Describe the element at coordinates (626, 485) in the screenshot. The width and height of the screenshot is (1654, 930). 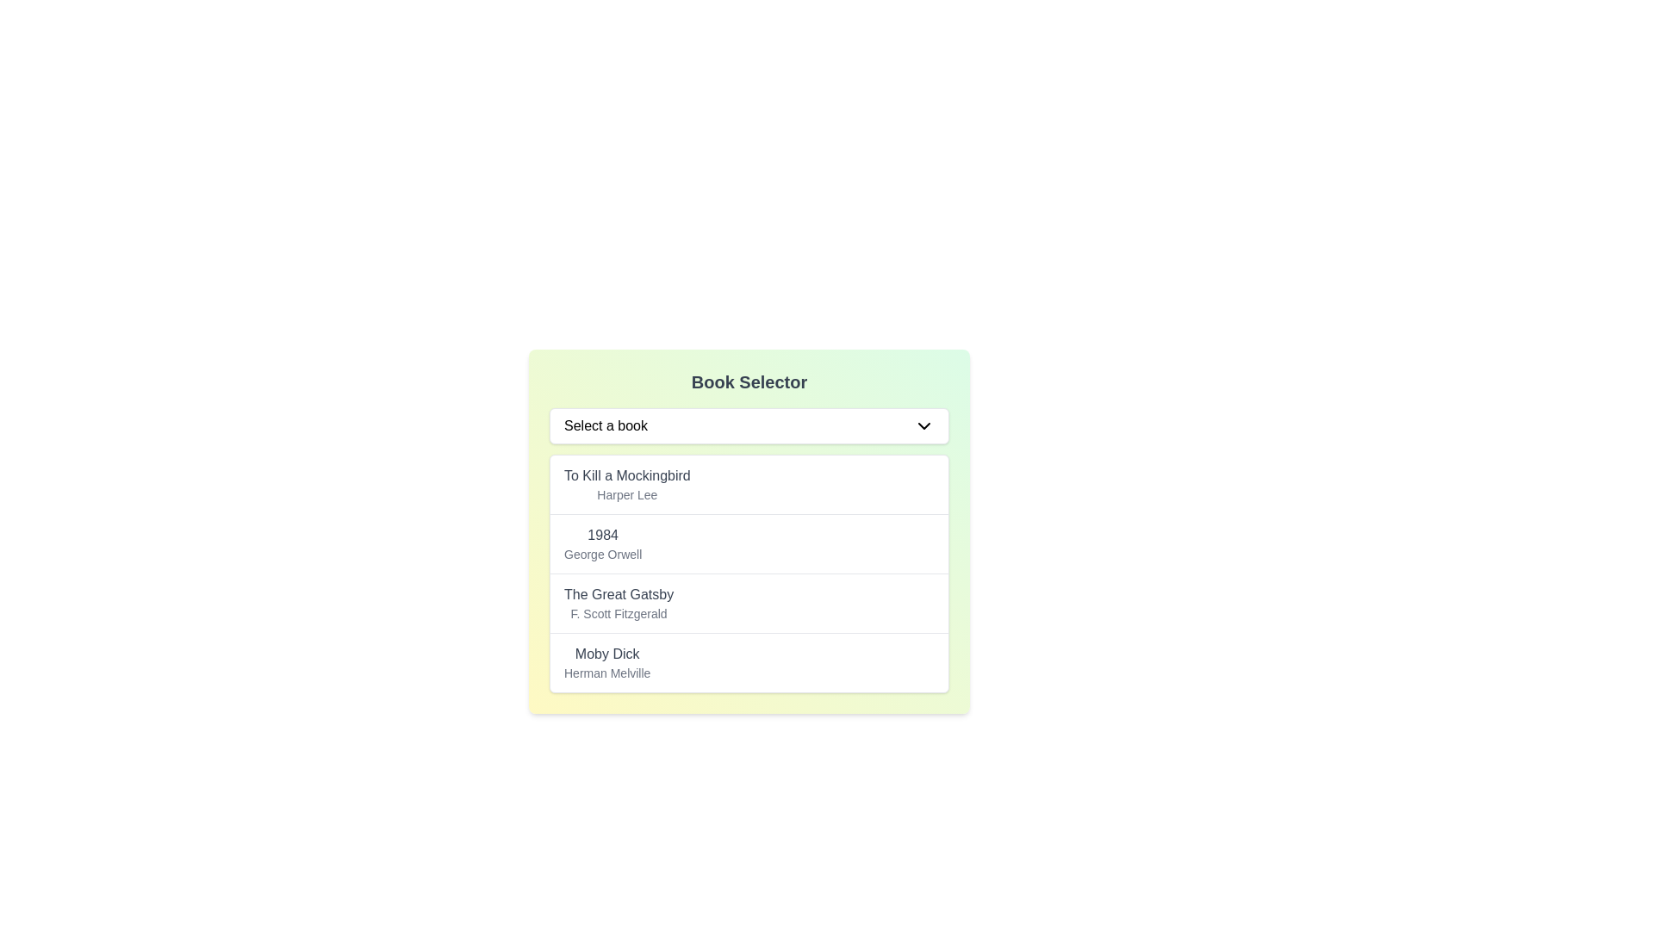
I see `the selectable book option labeled 'To Kill a Mockingbird' by Harper Lee` at that location.